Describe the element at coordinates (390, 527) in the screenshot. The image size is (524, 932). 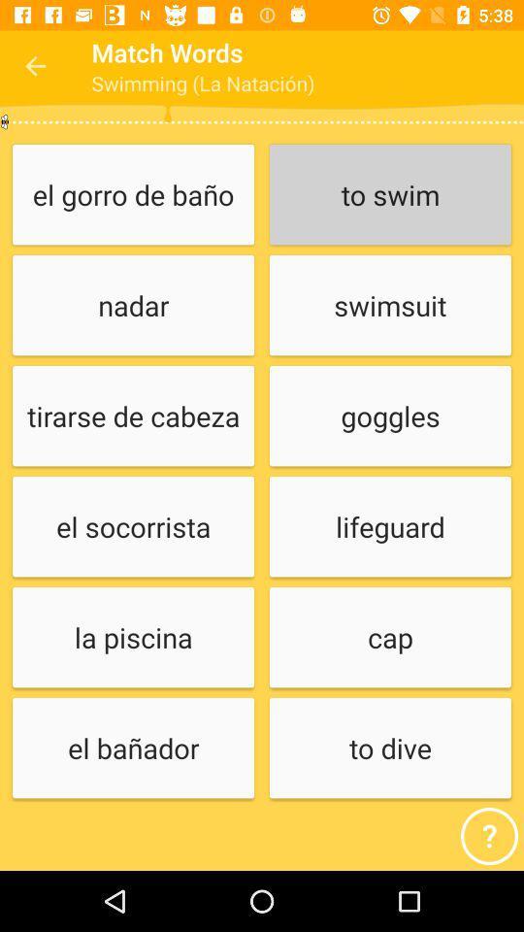
I see `icon below the goggles` at that location.